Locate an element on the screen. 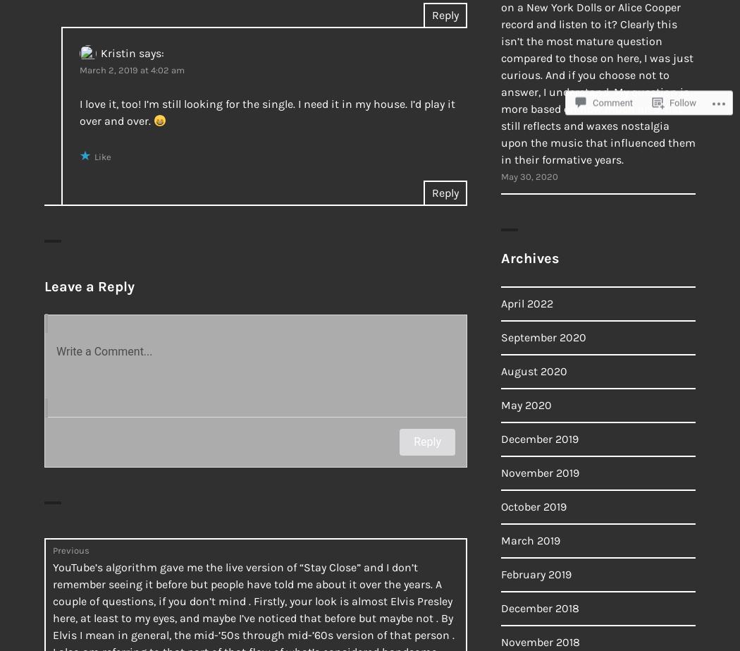 The width and height of the screenshot is (740, 651). 'I love it, too! I’m still looking for the single. I need it in my house. I’d play it over and over.' is located at coordinates (267, 112).